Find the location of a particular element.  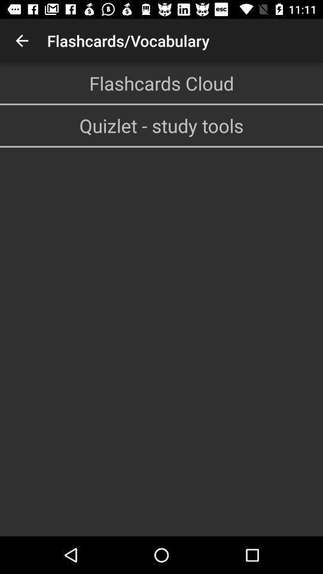

the item above the flashcards cloud is located at coordinates (22, 41).